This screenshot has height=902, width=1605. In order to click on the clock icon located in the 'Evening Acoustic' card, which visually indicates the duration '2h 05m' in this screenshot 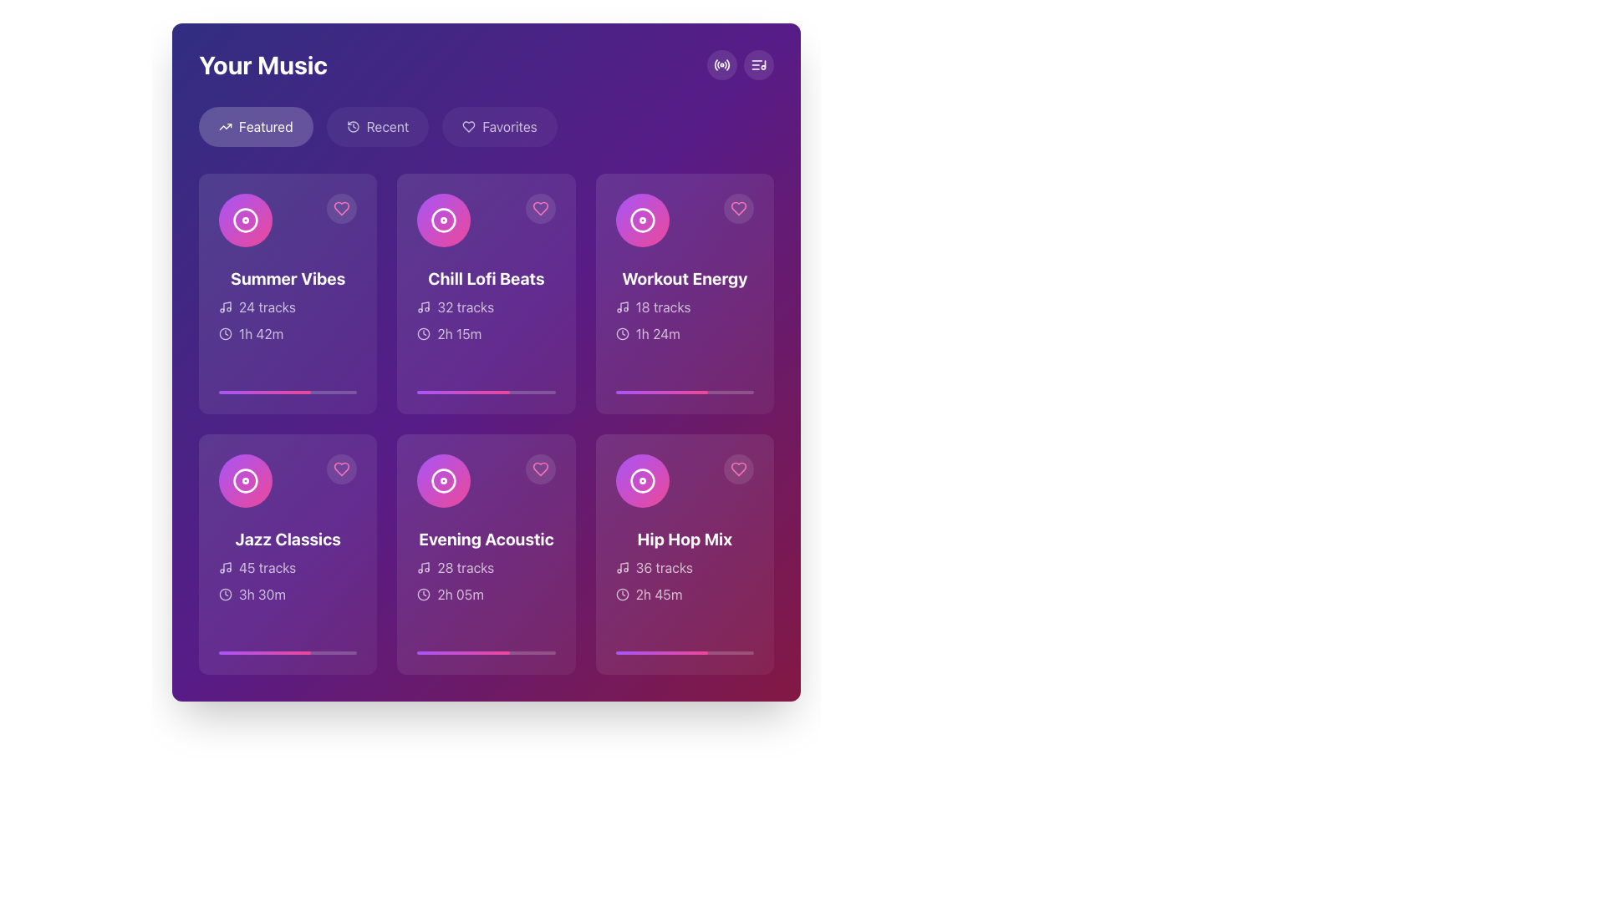, I will do `click(424, 594)`.